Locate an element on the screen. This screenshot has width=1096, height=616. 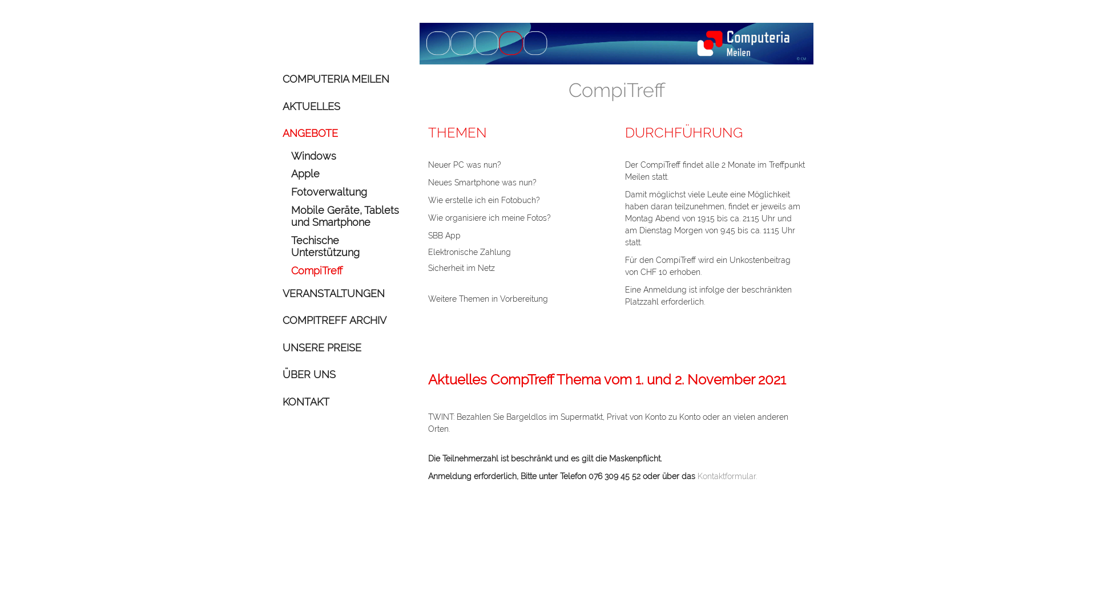
'Fotoverwaltung' is located at coordinates (346, 191).